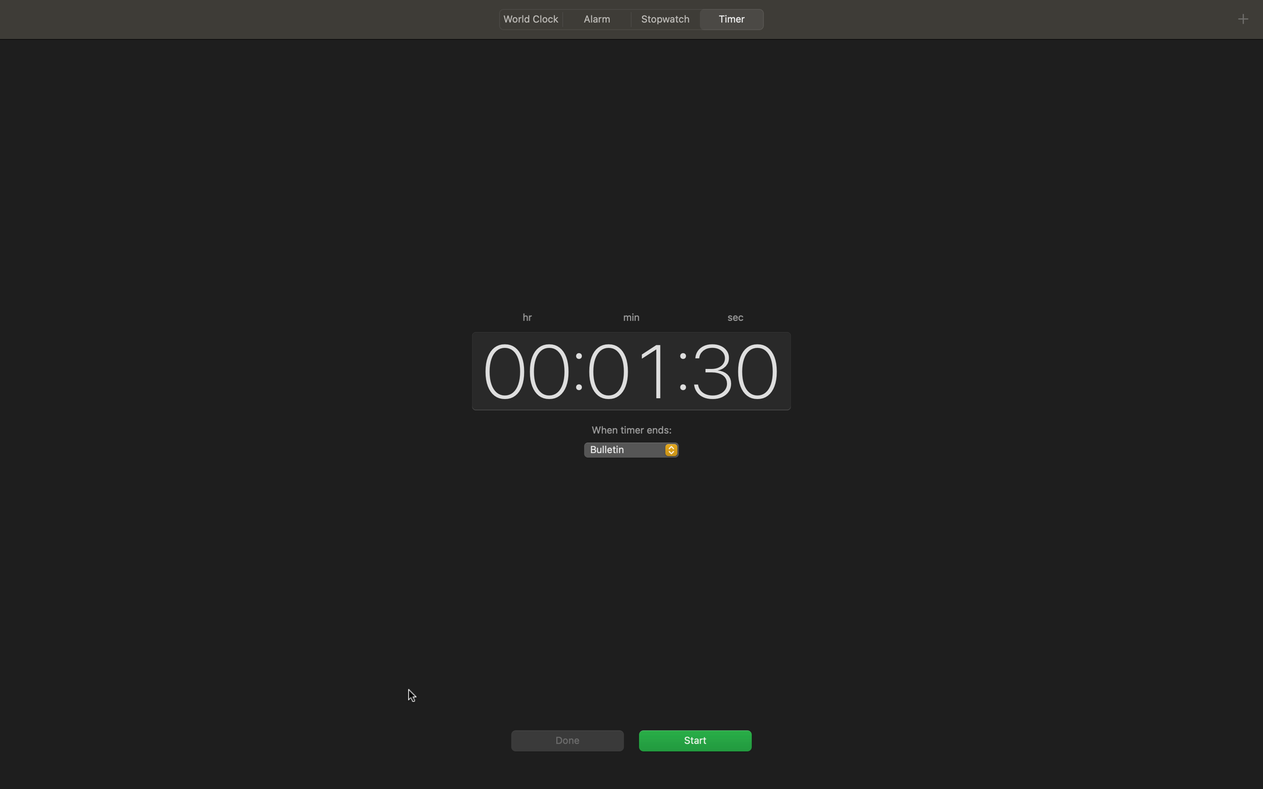 The width and height of the screenshot is (1263, 789). I want to click on Increase the time in seconds by ten units, so click(736, 368).